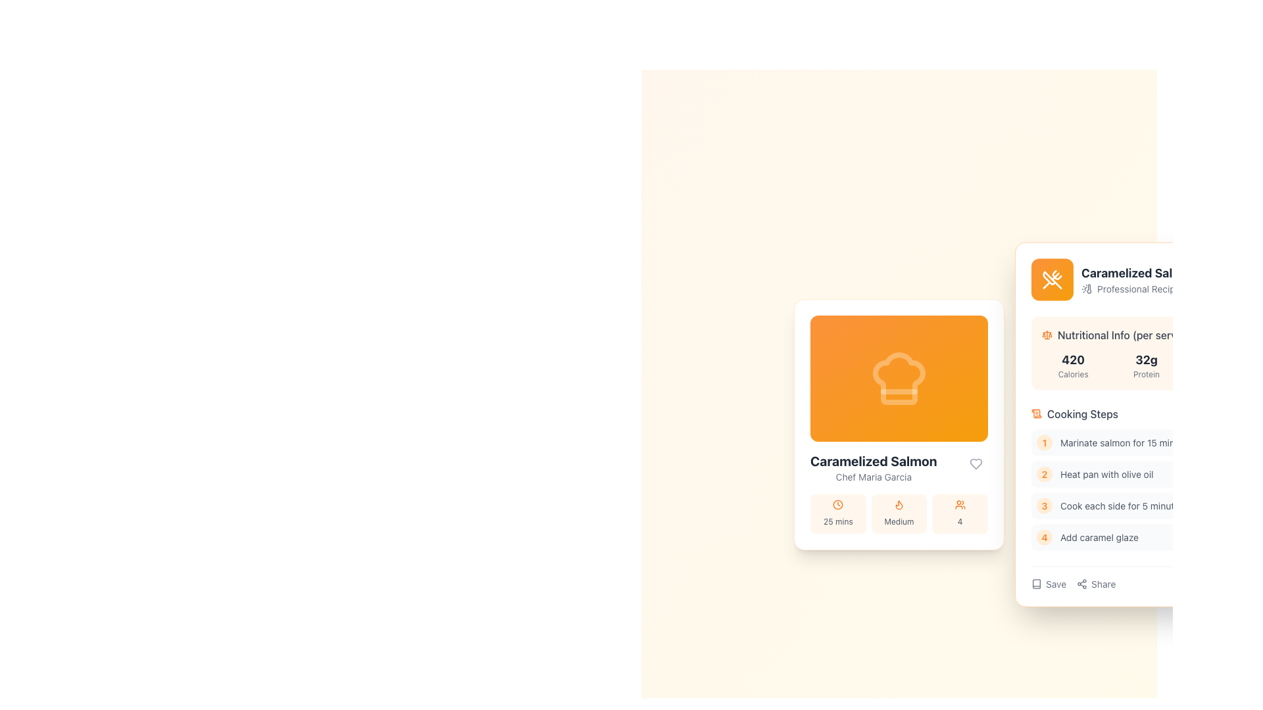 This screenshot has height=710, width=1263. Describe the element at coordinates (1145, 374) in the screenshot. I see `the text label indicating the protein content, which is located immediately below the '32g' value in the nutritional information panel on the recipe card` at that location.